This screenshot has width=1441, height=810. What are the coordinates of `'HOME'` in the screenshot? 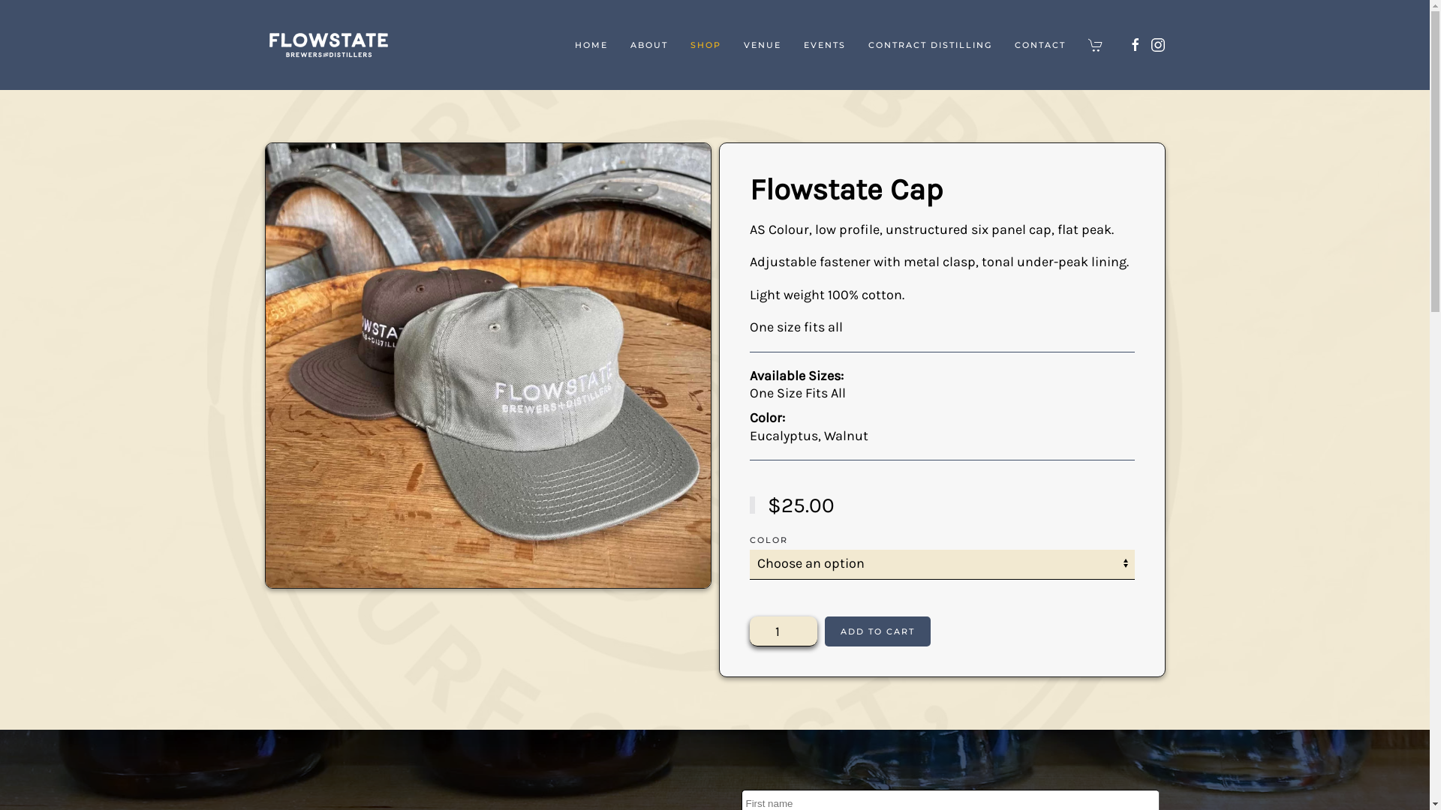 It's located at (590, 44).